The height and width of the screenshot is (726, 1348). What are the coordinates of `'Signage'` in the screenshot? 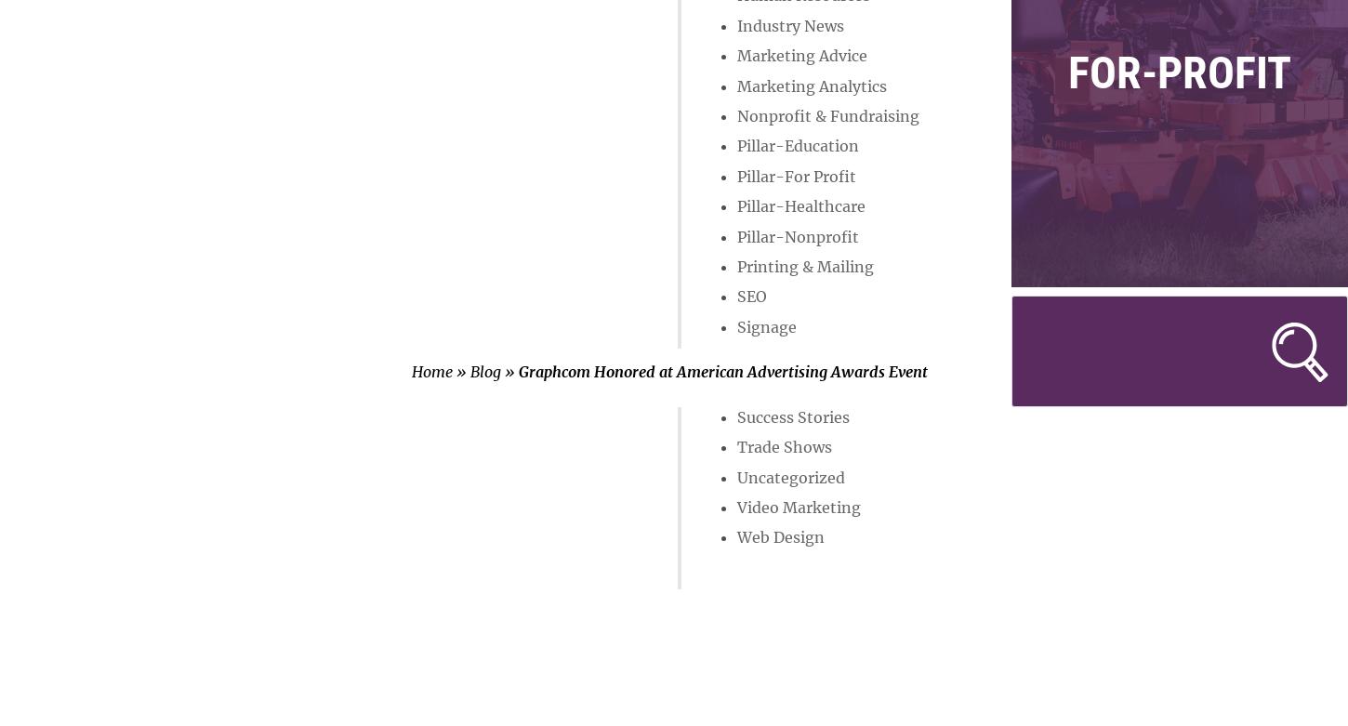 It's located at (766, 325).